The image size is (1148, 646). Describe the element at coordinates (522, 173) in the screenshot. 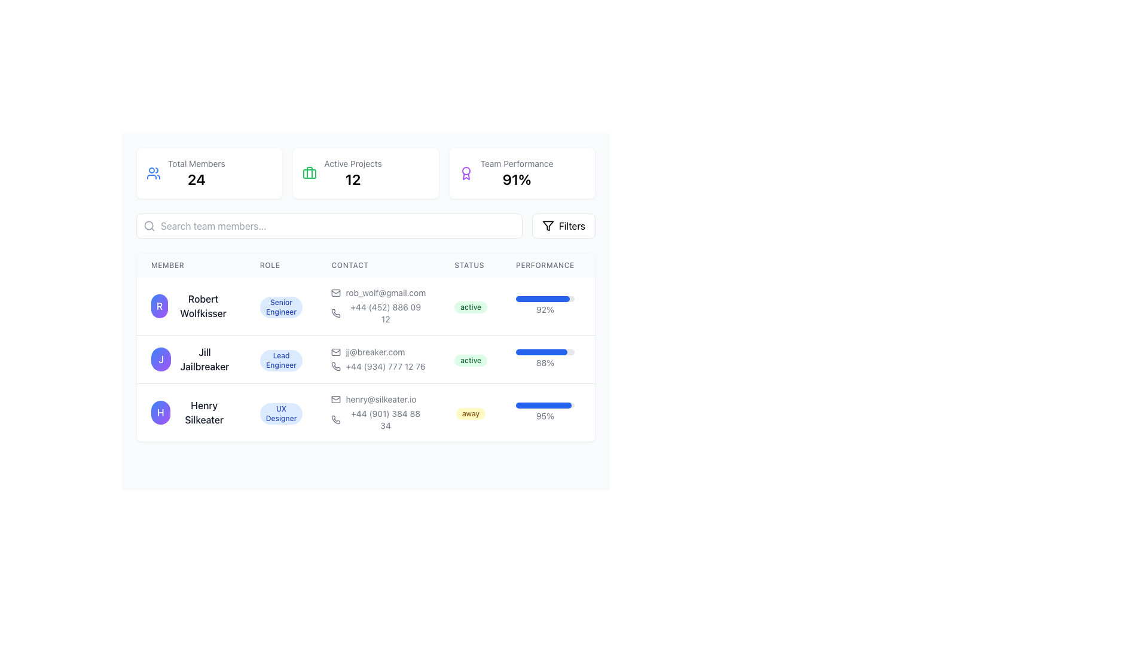

I see `displayed performance percentage from the Information Display located in the top-right corner of the performance metrics section, directly under the main navigation bar` at that location.